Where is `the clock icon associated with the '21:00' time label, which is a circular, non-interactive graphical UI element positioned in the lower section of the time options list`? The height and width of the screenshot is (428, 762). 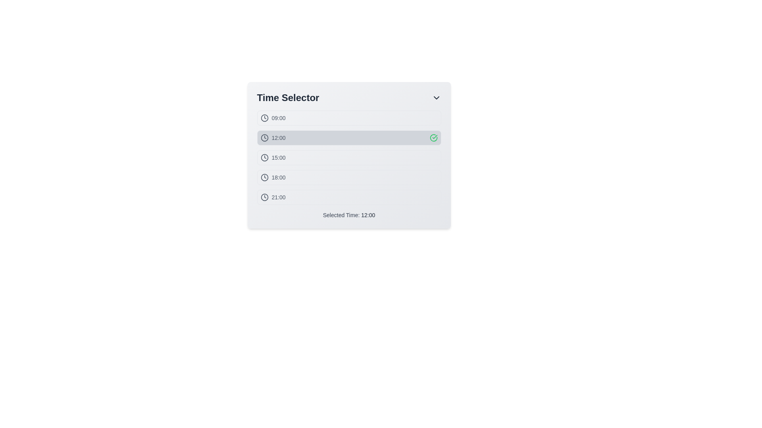
the clock icon associated with the '21:00' time label, which is a circular, non-interactive graphical UI element positioned in the lower section of the time options list is located at coordinates (264, 197).